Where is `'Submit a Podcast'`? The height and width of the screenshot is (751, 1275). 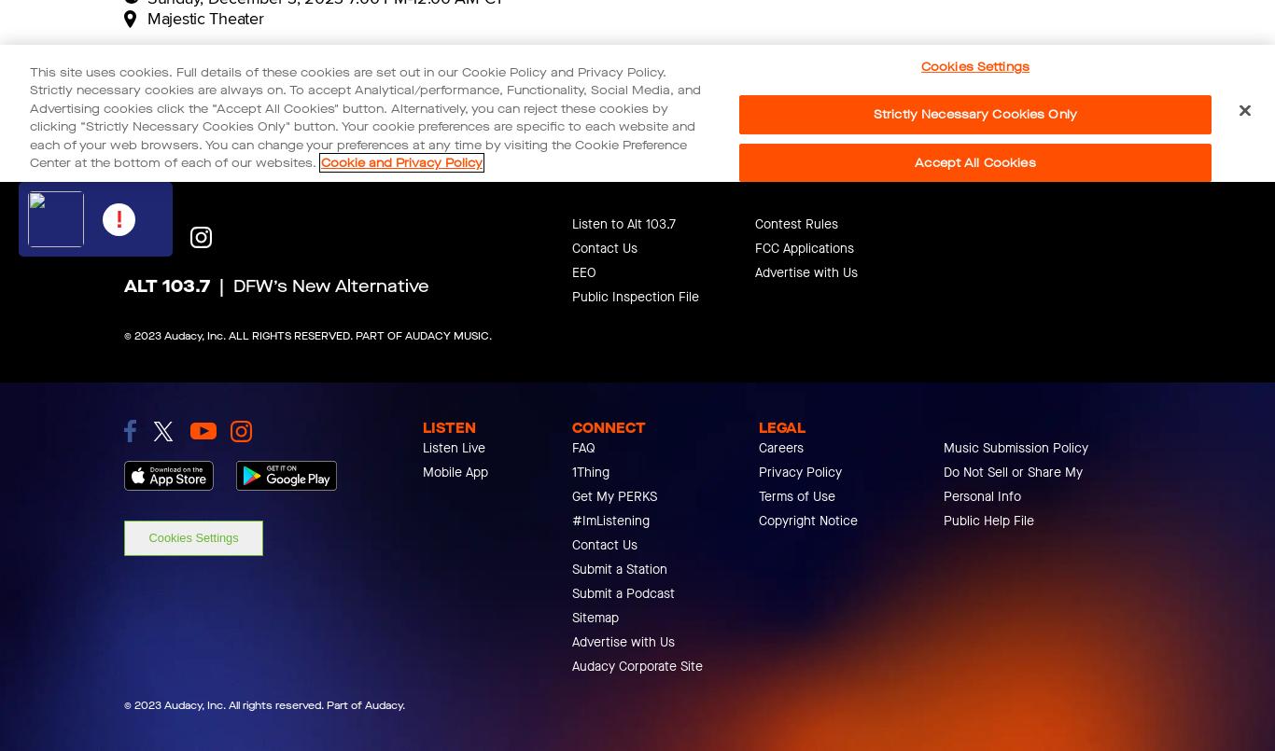 'Submit a Podcast' is located at coordinates (571, 592).